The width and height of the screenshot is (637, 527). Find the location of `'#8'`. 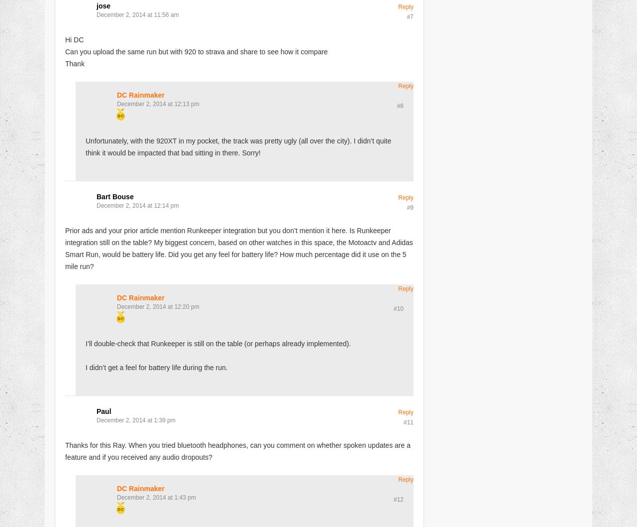

'#8' is located at coordinates (396, 106).